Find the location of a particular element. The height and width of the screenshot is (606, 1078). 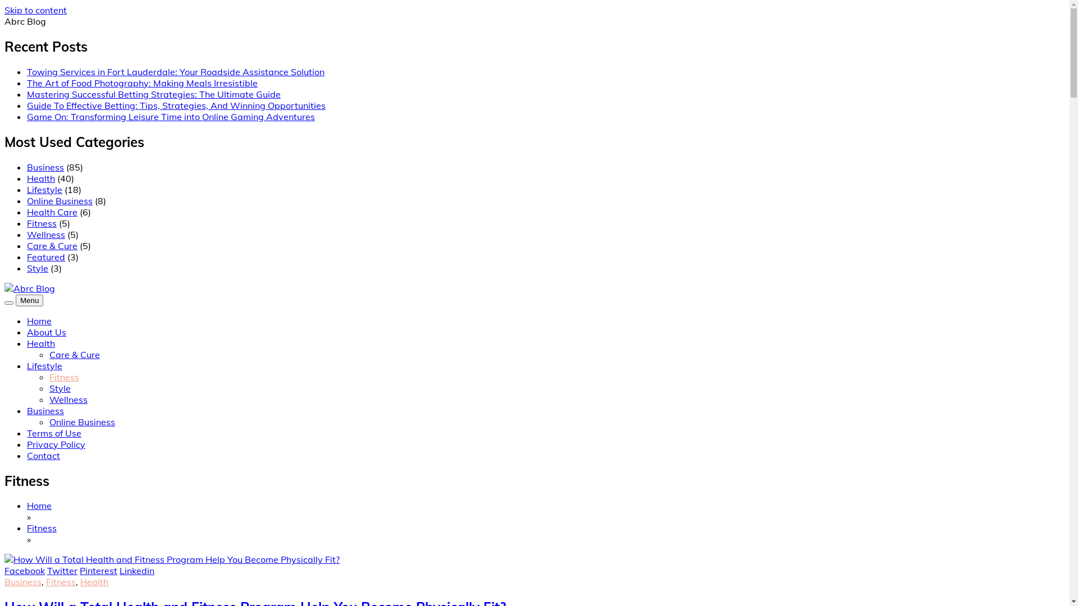

'Skip to content' is located at coordinates (35, 10).